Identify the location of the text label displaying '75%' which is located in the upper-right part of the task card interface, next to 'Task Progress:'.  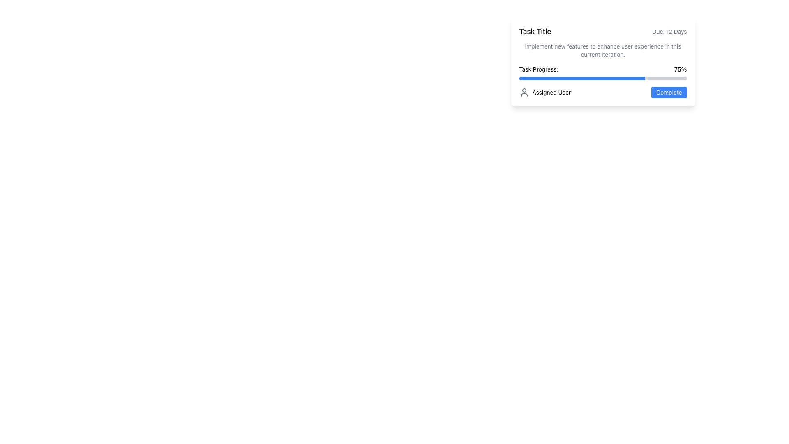
(681, 69).